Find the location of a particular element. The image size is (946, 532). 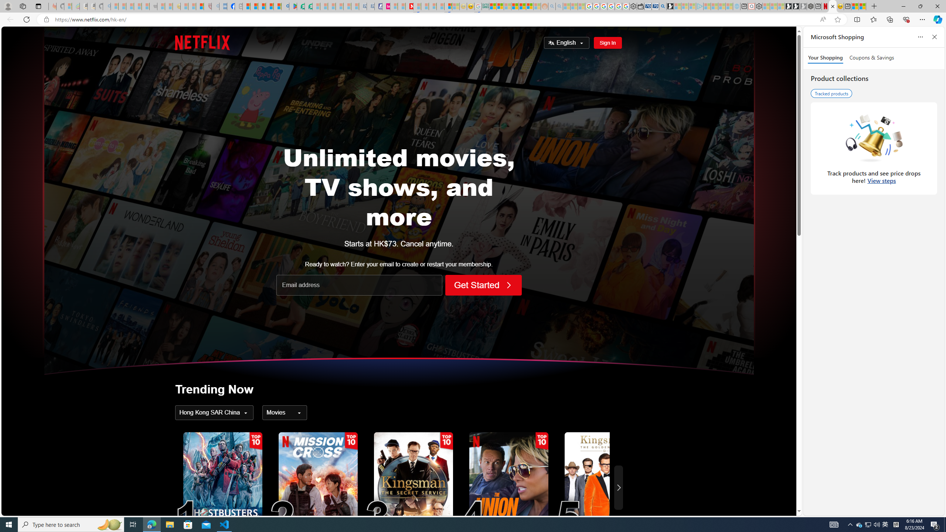

'Jobs - lastminute.com Investor Portal' is located at coordinates (386, 6).